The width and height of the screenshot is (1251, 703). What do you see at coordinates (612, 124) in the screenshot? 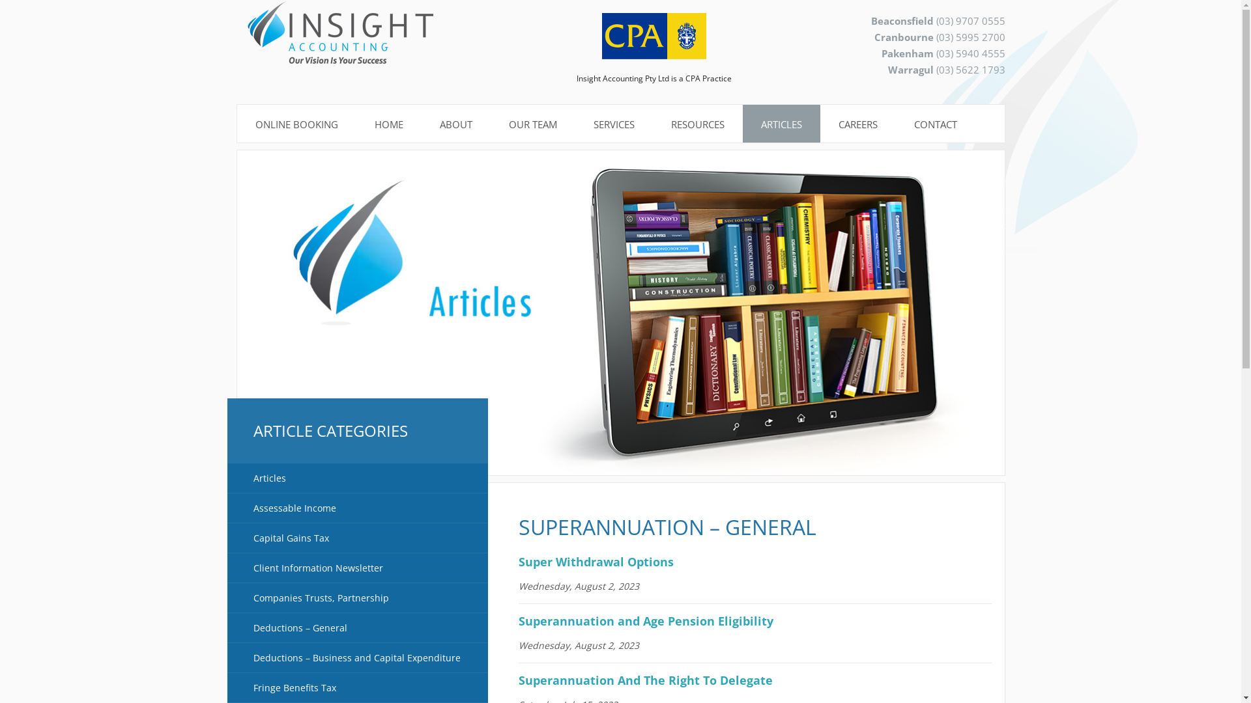
I see `'SERVICES'` at bounding box center [612, 124].